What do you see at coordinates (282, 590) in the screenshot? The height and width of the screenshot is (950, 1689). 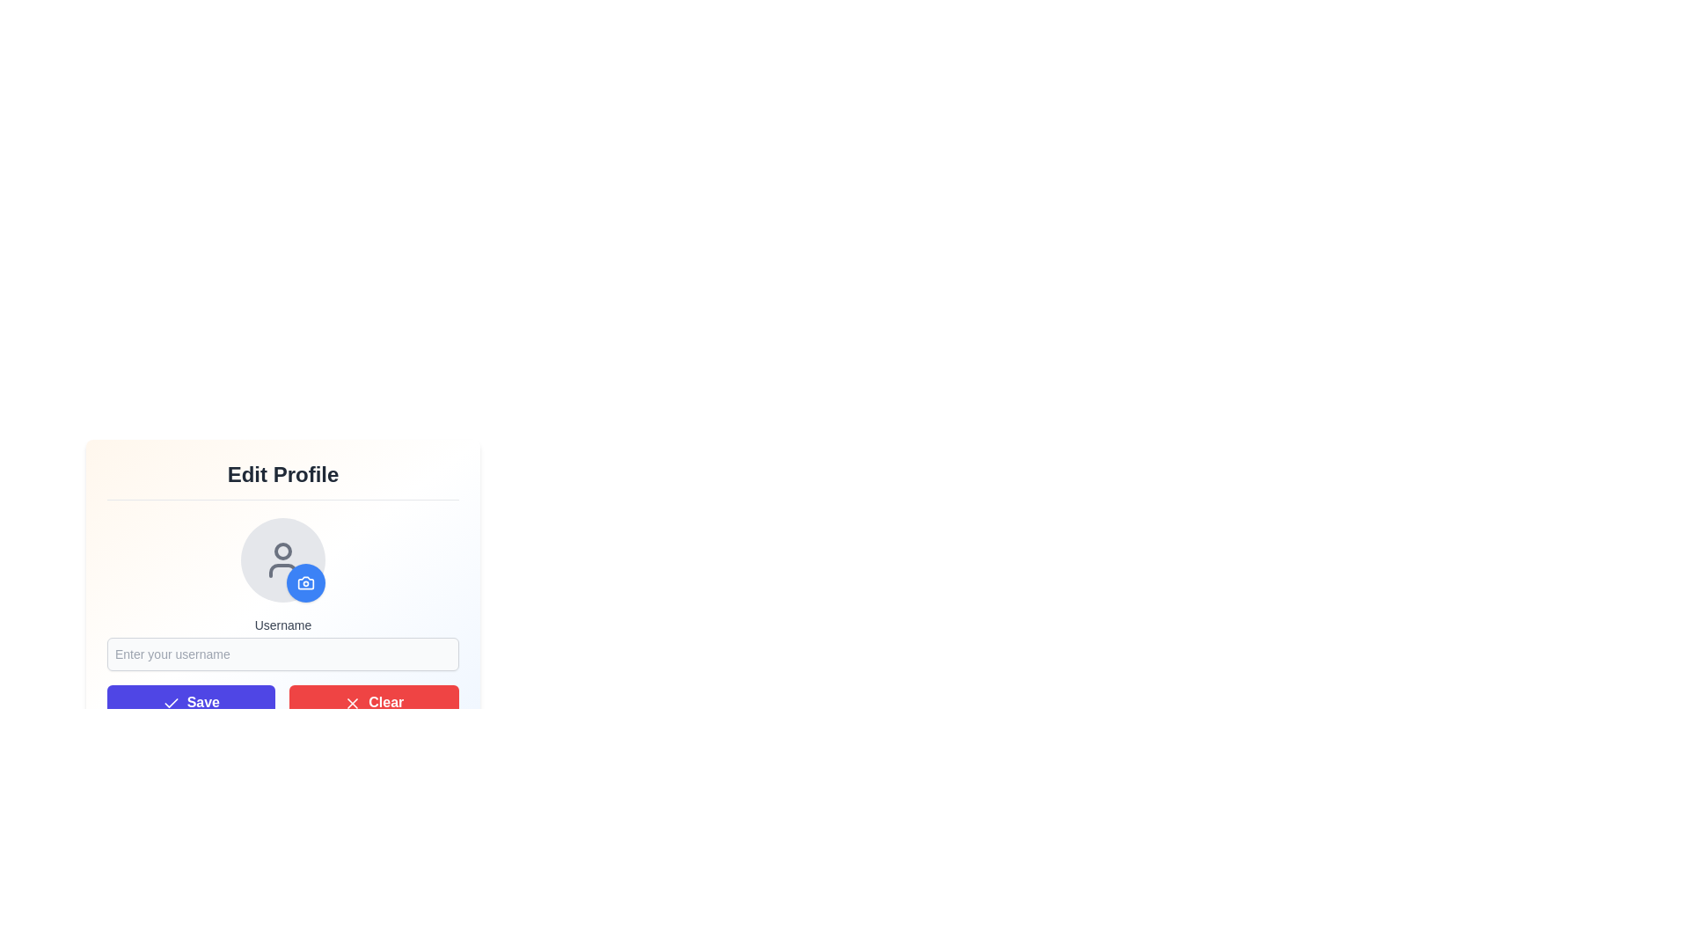 I see `the avatar placeholder in the 'Edit Profile' dialog box, which includes a user icon and a camera icon overlayed on the bottom-right corner` at bounding box center [282, 590].